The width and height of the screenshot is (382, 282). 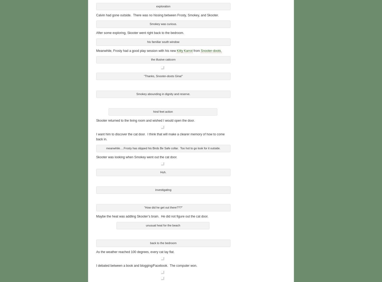 I want to click on 'Calvin had gone outside.  There was no hissing between Frosty, Smokey, and Skooter.', so click(x=157, y=14).